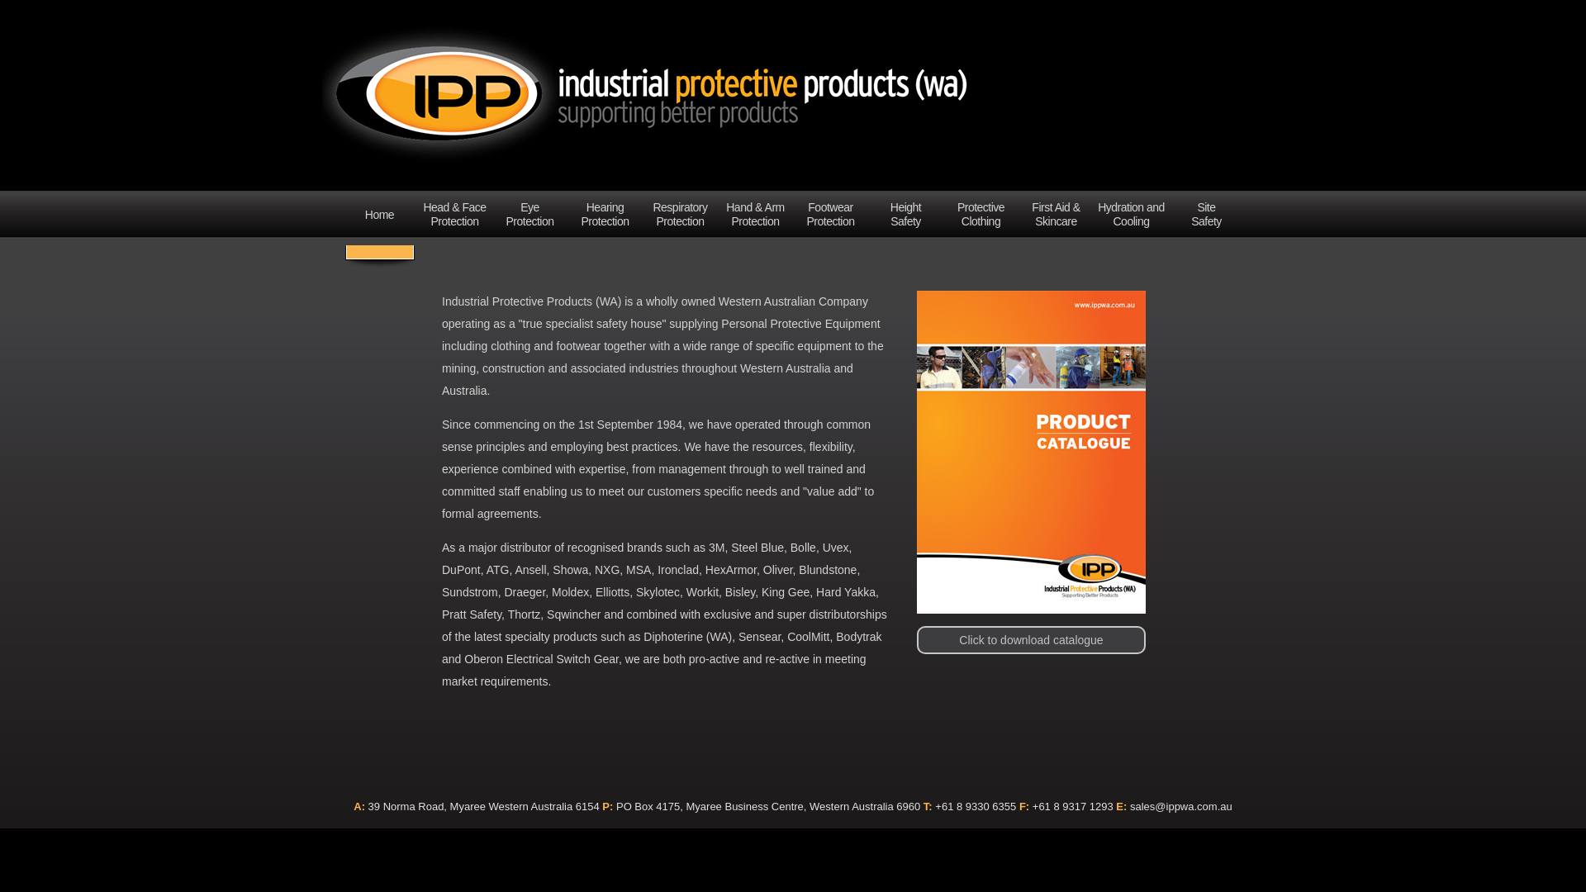  I want to click on 'Hydration and Cooling', so click(1130, 213).